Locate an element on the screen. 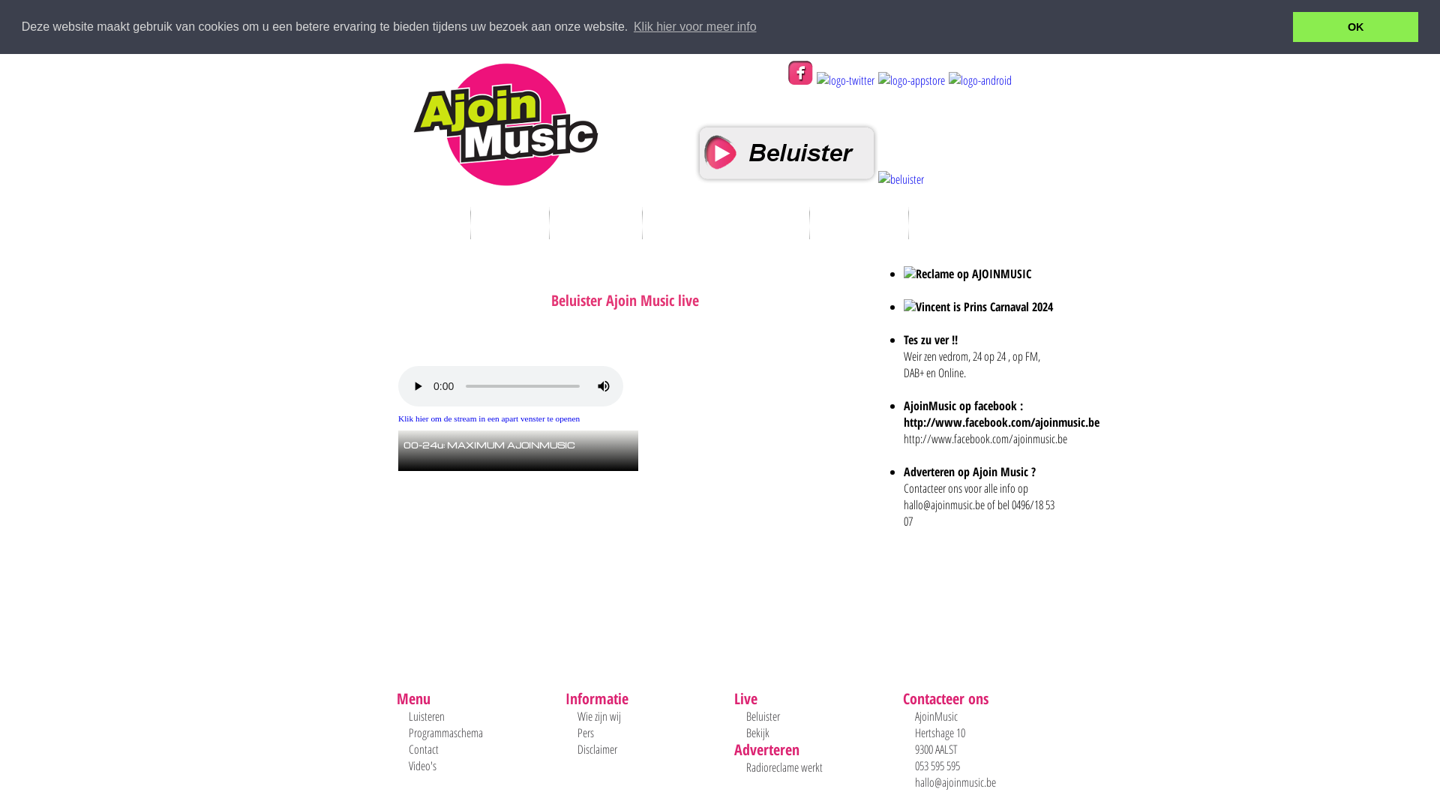 The width and height of the screenshot is (1440, 810). 'OK' is located at coordinates (1355, 26).